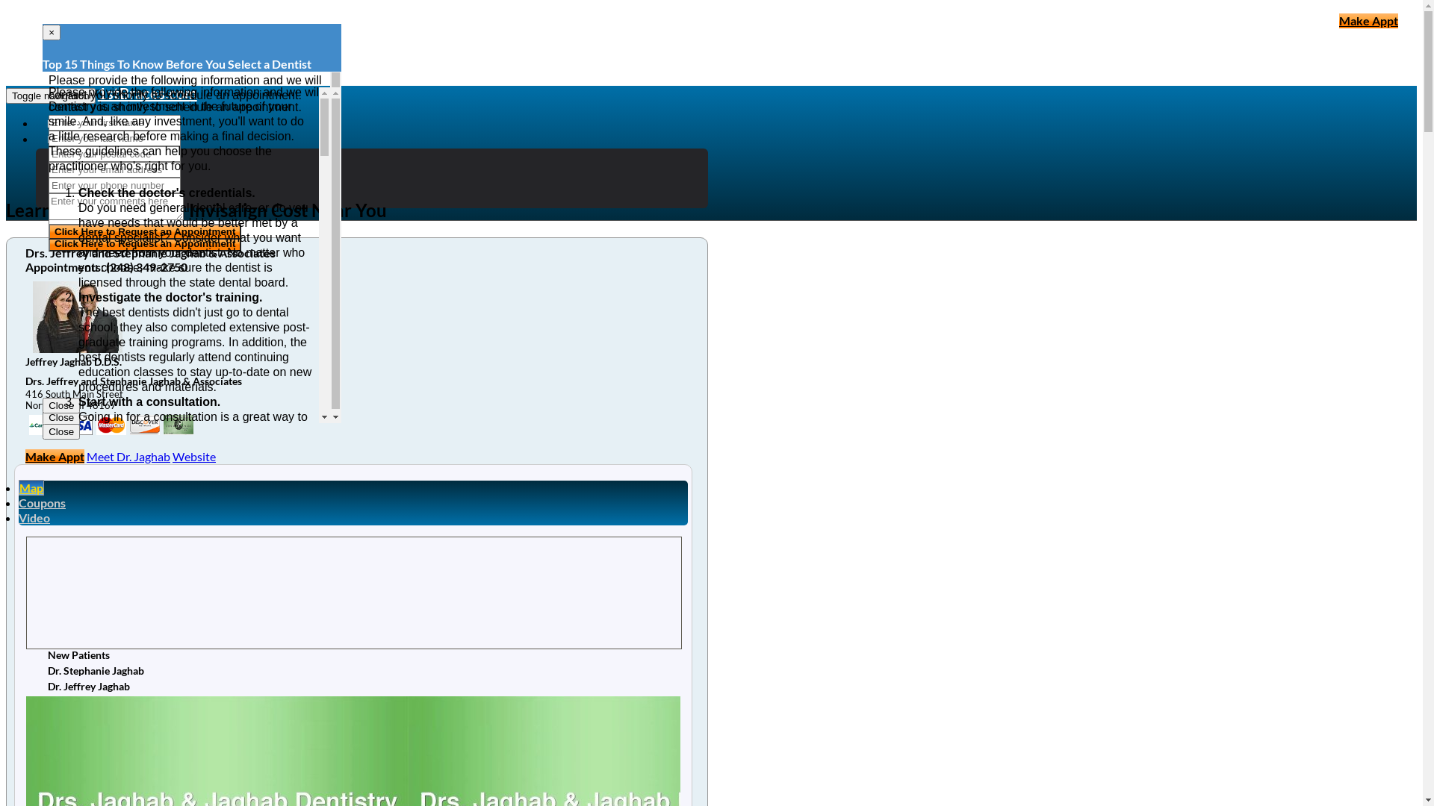  I want to click on 'Coupons', so click(42, 502).